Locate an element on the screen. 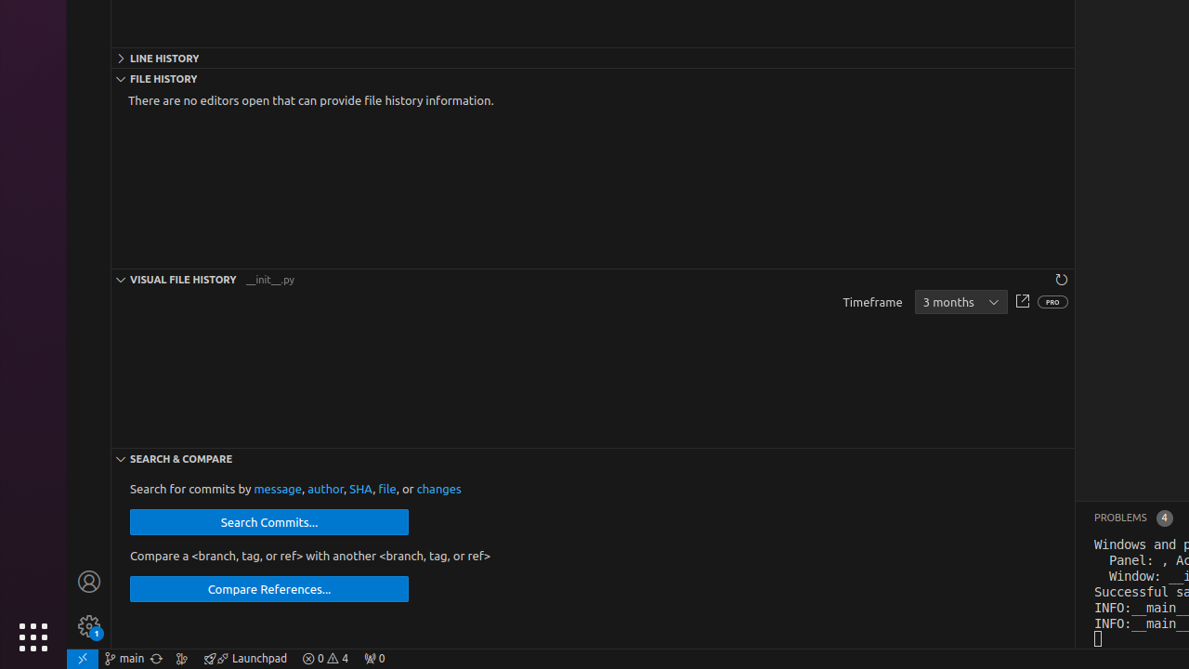  'OSWorld (Git) - main, Checkout Branch/Tag...' is located at coordinates (124, 657).